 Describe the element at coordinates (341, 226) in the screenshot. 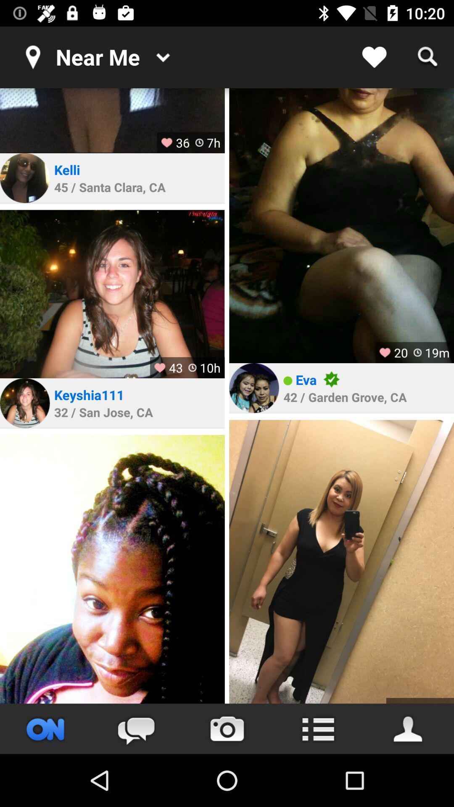

I see `click on the image` at that location.